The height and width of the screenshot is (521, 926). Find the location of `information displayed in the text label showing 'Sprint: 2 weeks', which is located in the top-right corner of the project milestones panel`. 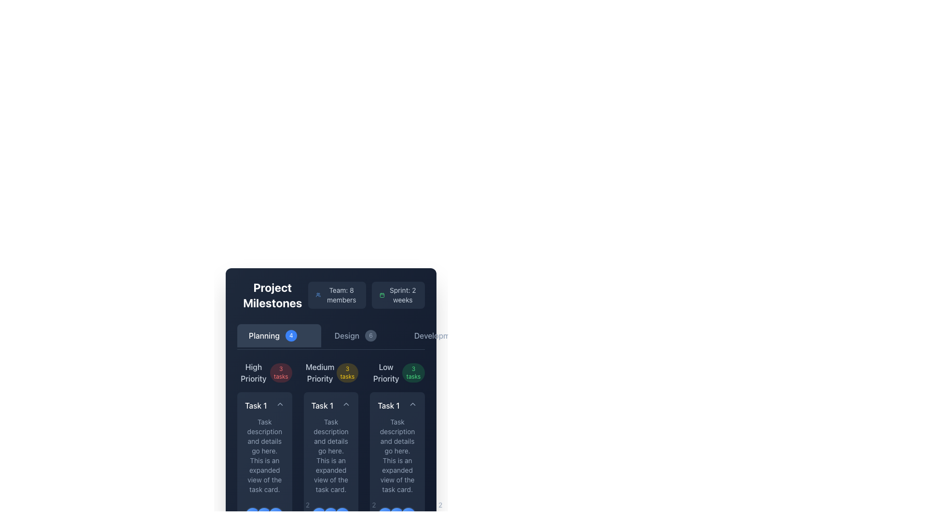

information displayed in the text label showing 'Sprint: 2 weeks', which is located in the top-right corner of the project milestones panel is located at coordinates (403, 295).